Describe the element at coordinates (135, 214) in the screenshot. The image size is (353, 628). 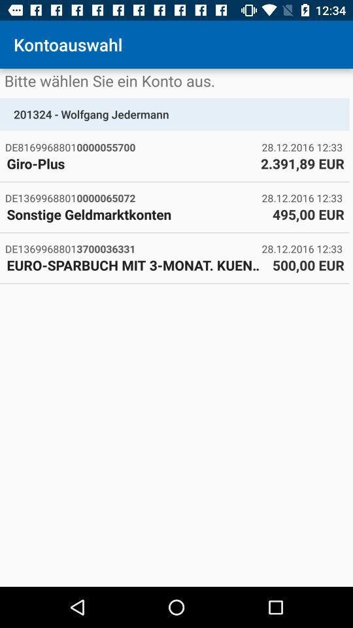
I see `the icon to the left of the 495,00 eur item` at that location.